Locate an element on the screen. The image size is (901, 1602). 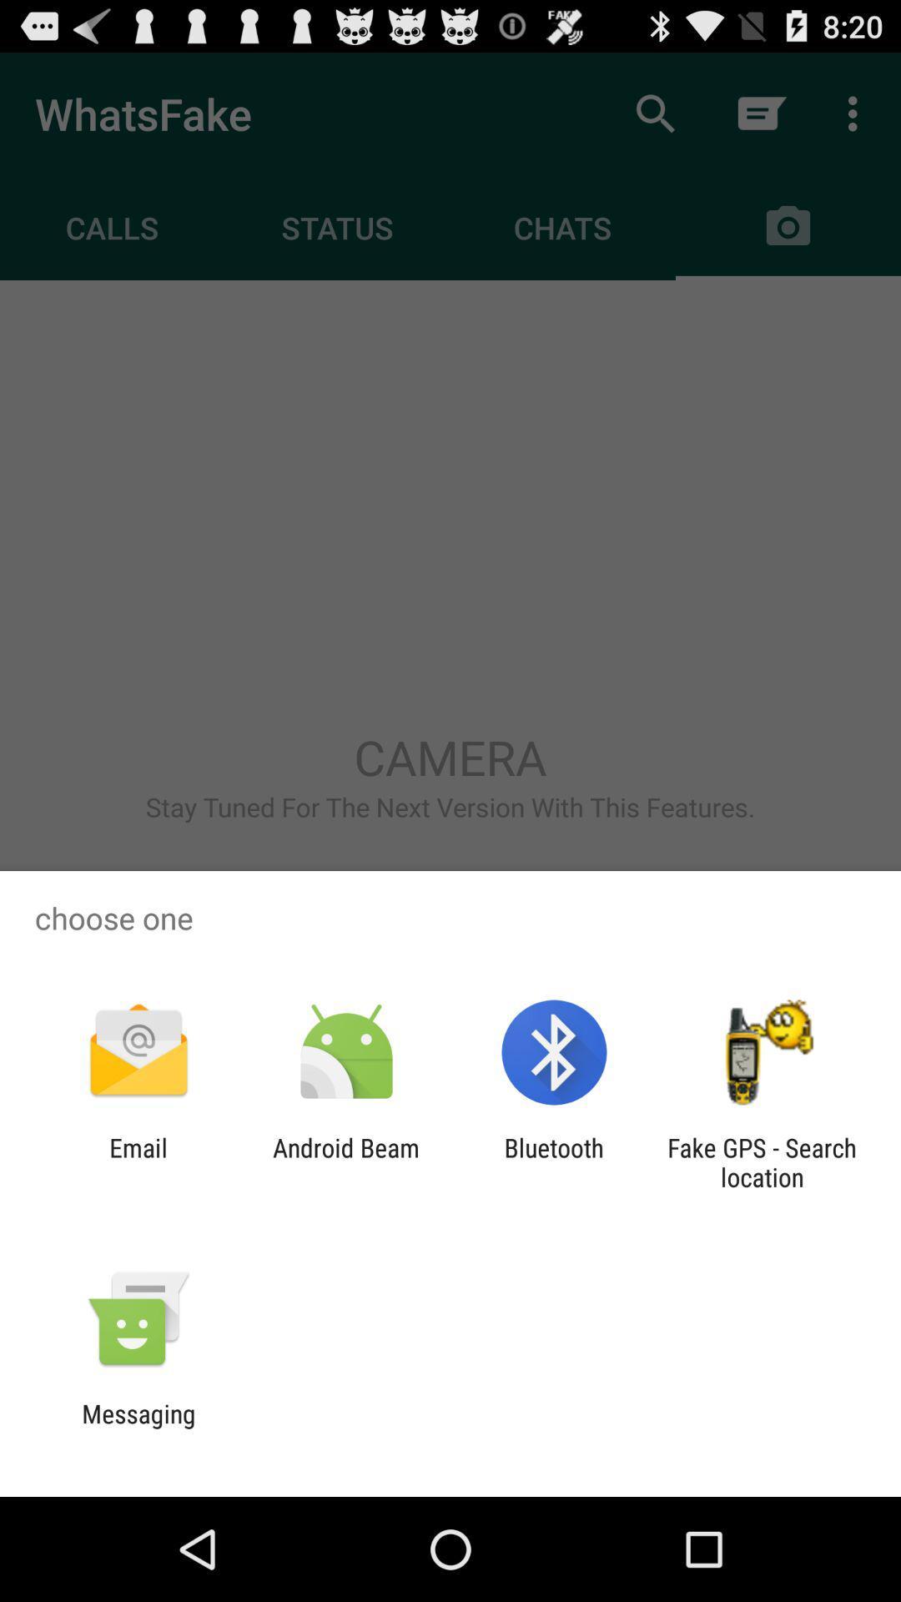
android beam app is located at coordinates (345, 1161).